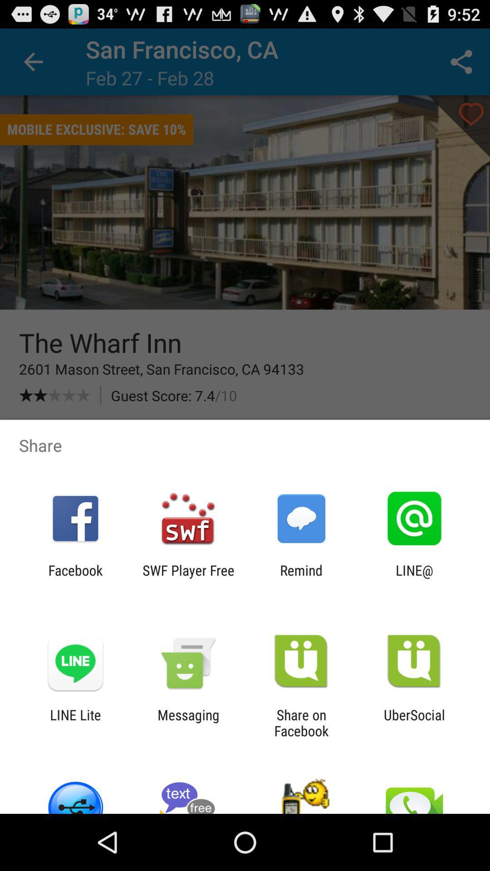  Describe the element at coordinates (188, 722) in the screenshot. I see `icon next to share on facebook app` at that location.